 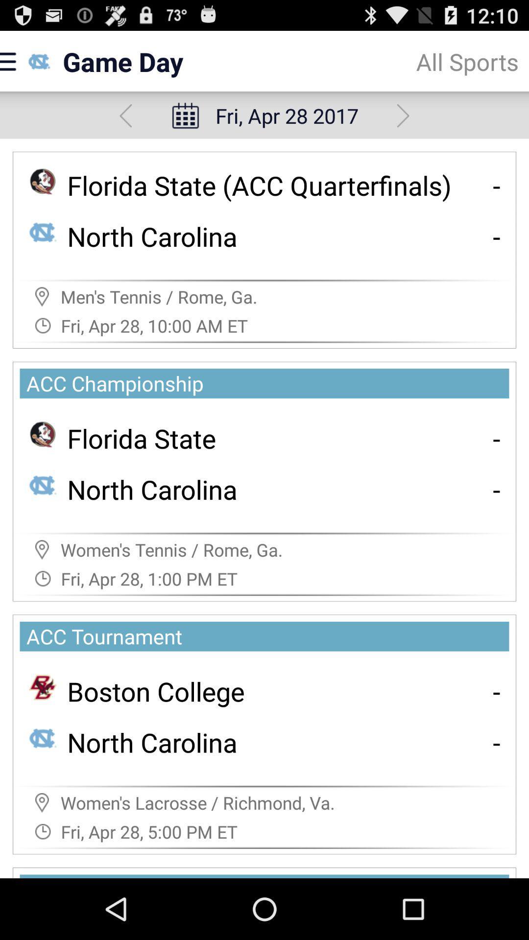 What do you see at coordinates (497, 236) in the screenshot?
I see `- icon` at bounding box center [497, 236].